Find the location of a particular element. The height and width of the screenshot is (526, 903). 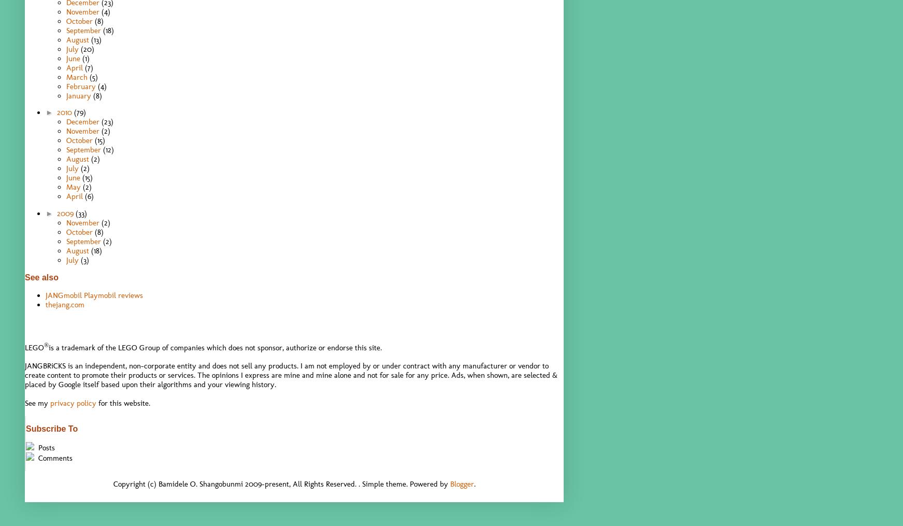

'December' is located at coordinates (66, 121).